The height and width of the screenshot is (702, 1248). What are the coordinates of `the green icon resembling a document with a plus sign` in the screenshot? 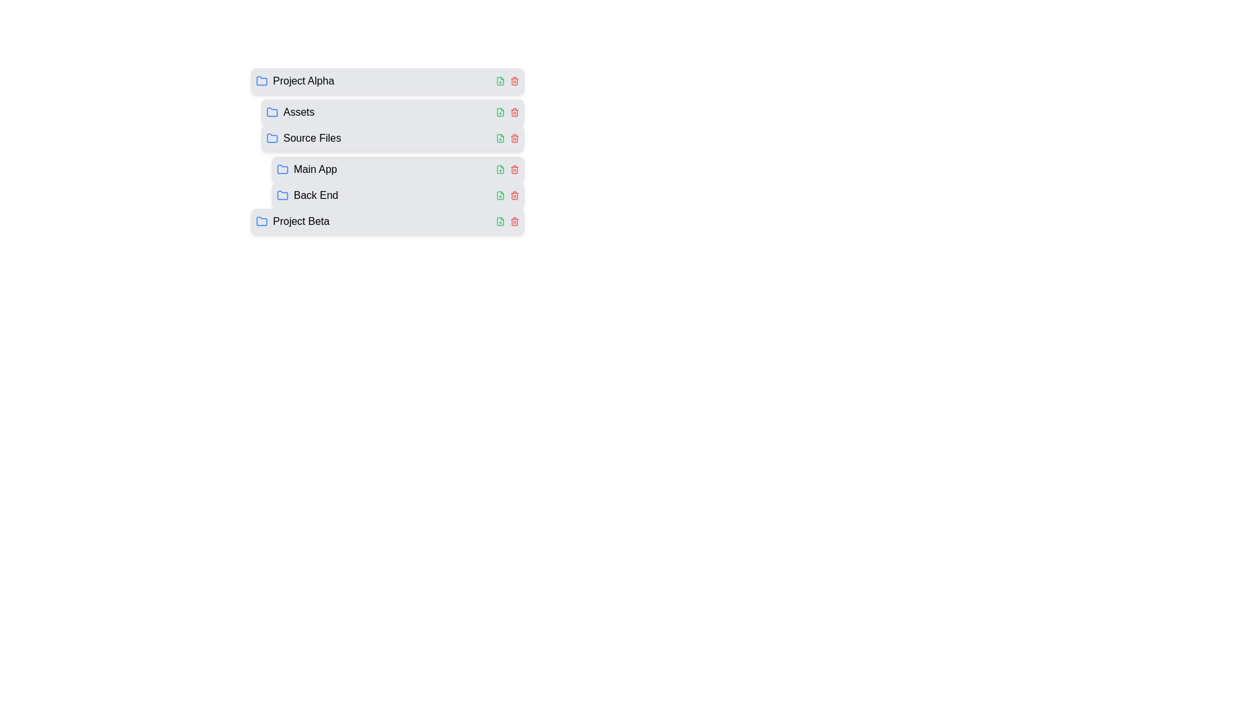 It's located at (499, 138).